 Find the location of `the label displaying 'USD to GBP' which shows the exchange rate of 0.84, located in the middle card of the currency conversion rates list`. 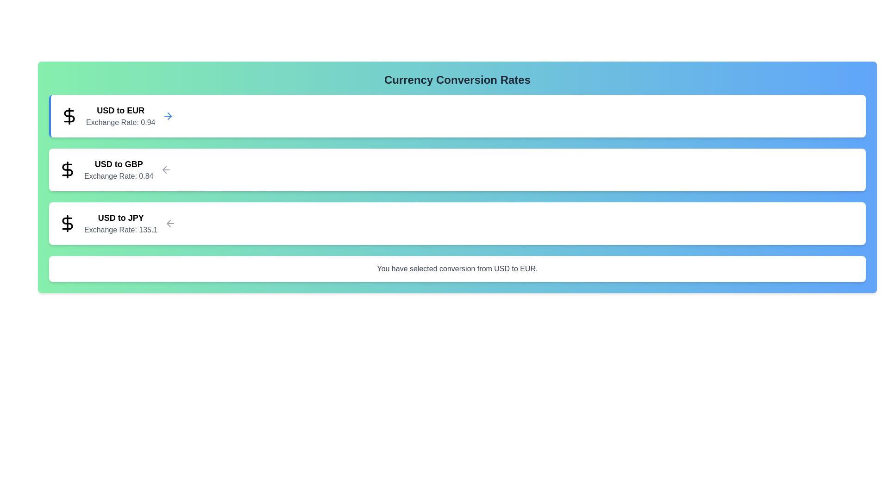

the label displaying 'USD to GBP' which shows the exchange rate of 0.84, located in the middle card of the currency conversion rates list is located at coordinates (118, 169).